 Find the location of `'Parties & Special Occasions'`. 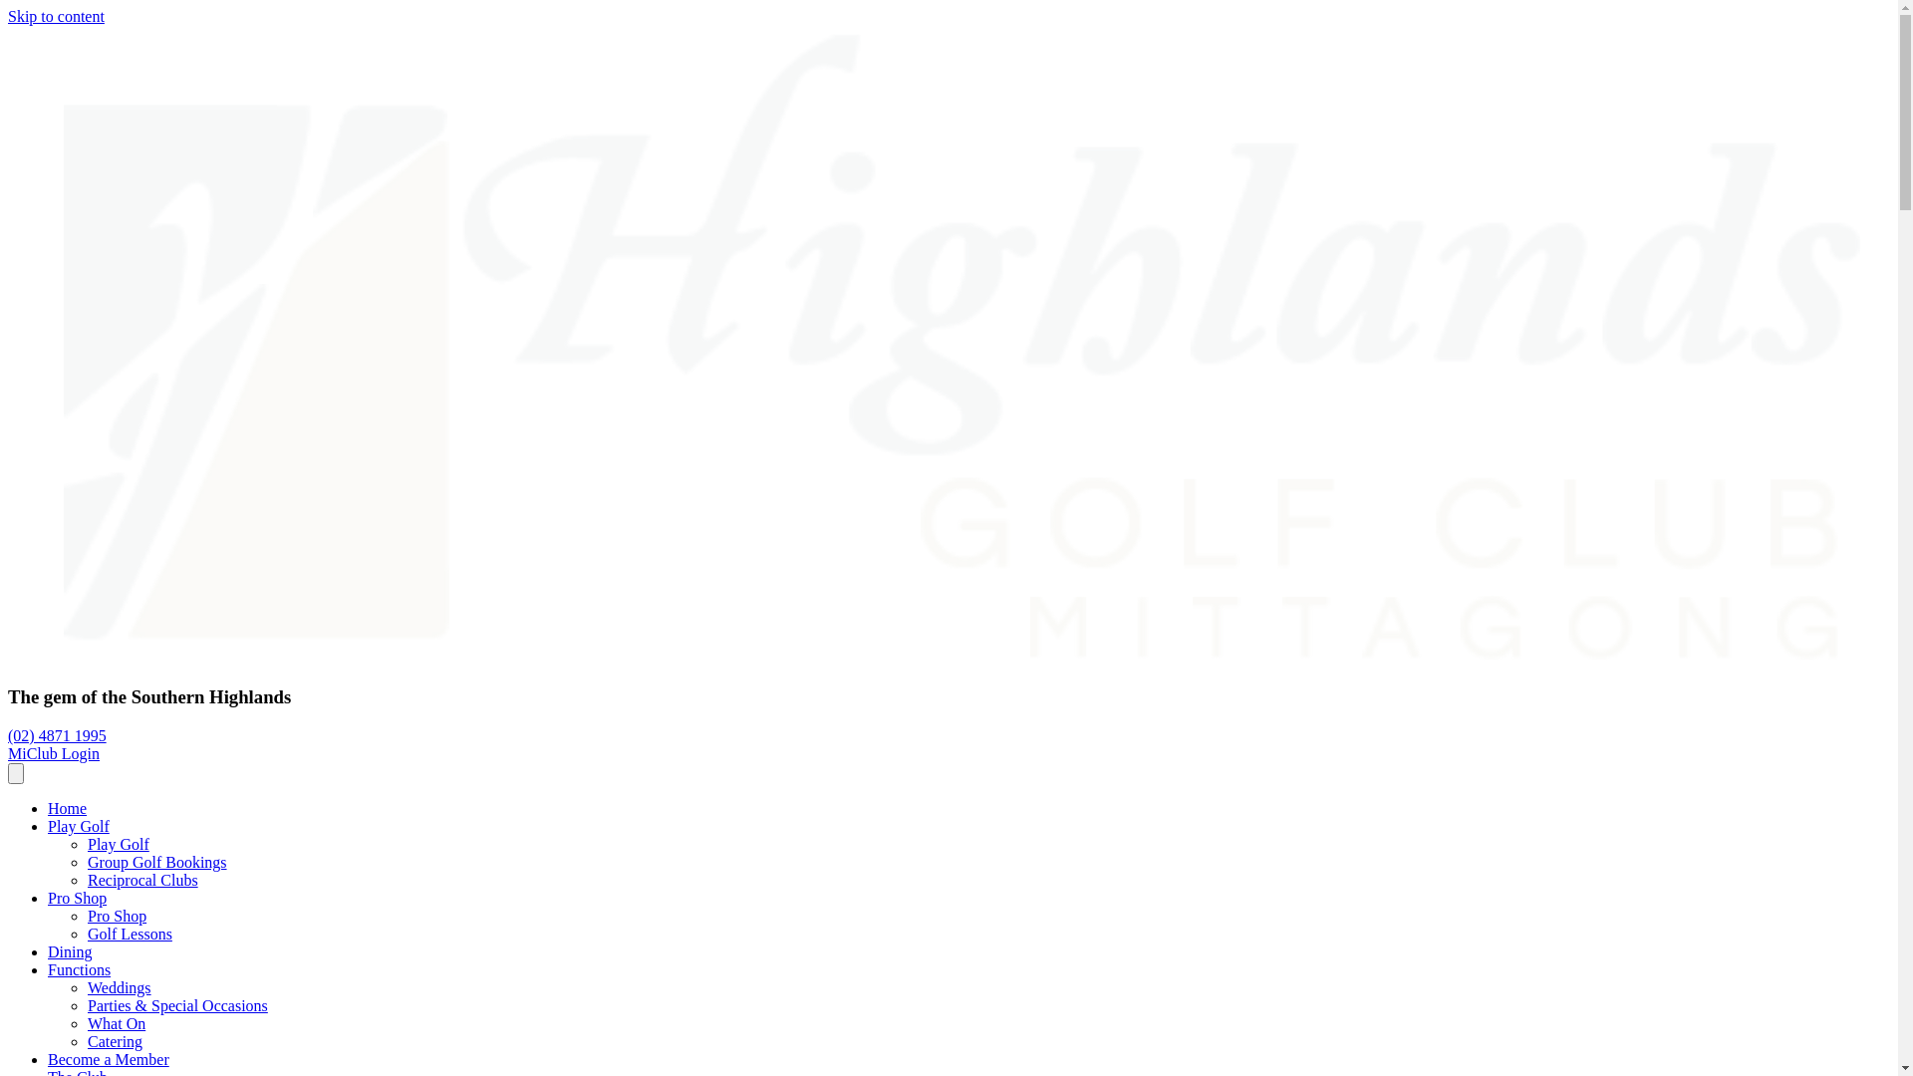

'Parties & Special Occasions' is located at coordinates (177, 1005).